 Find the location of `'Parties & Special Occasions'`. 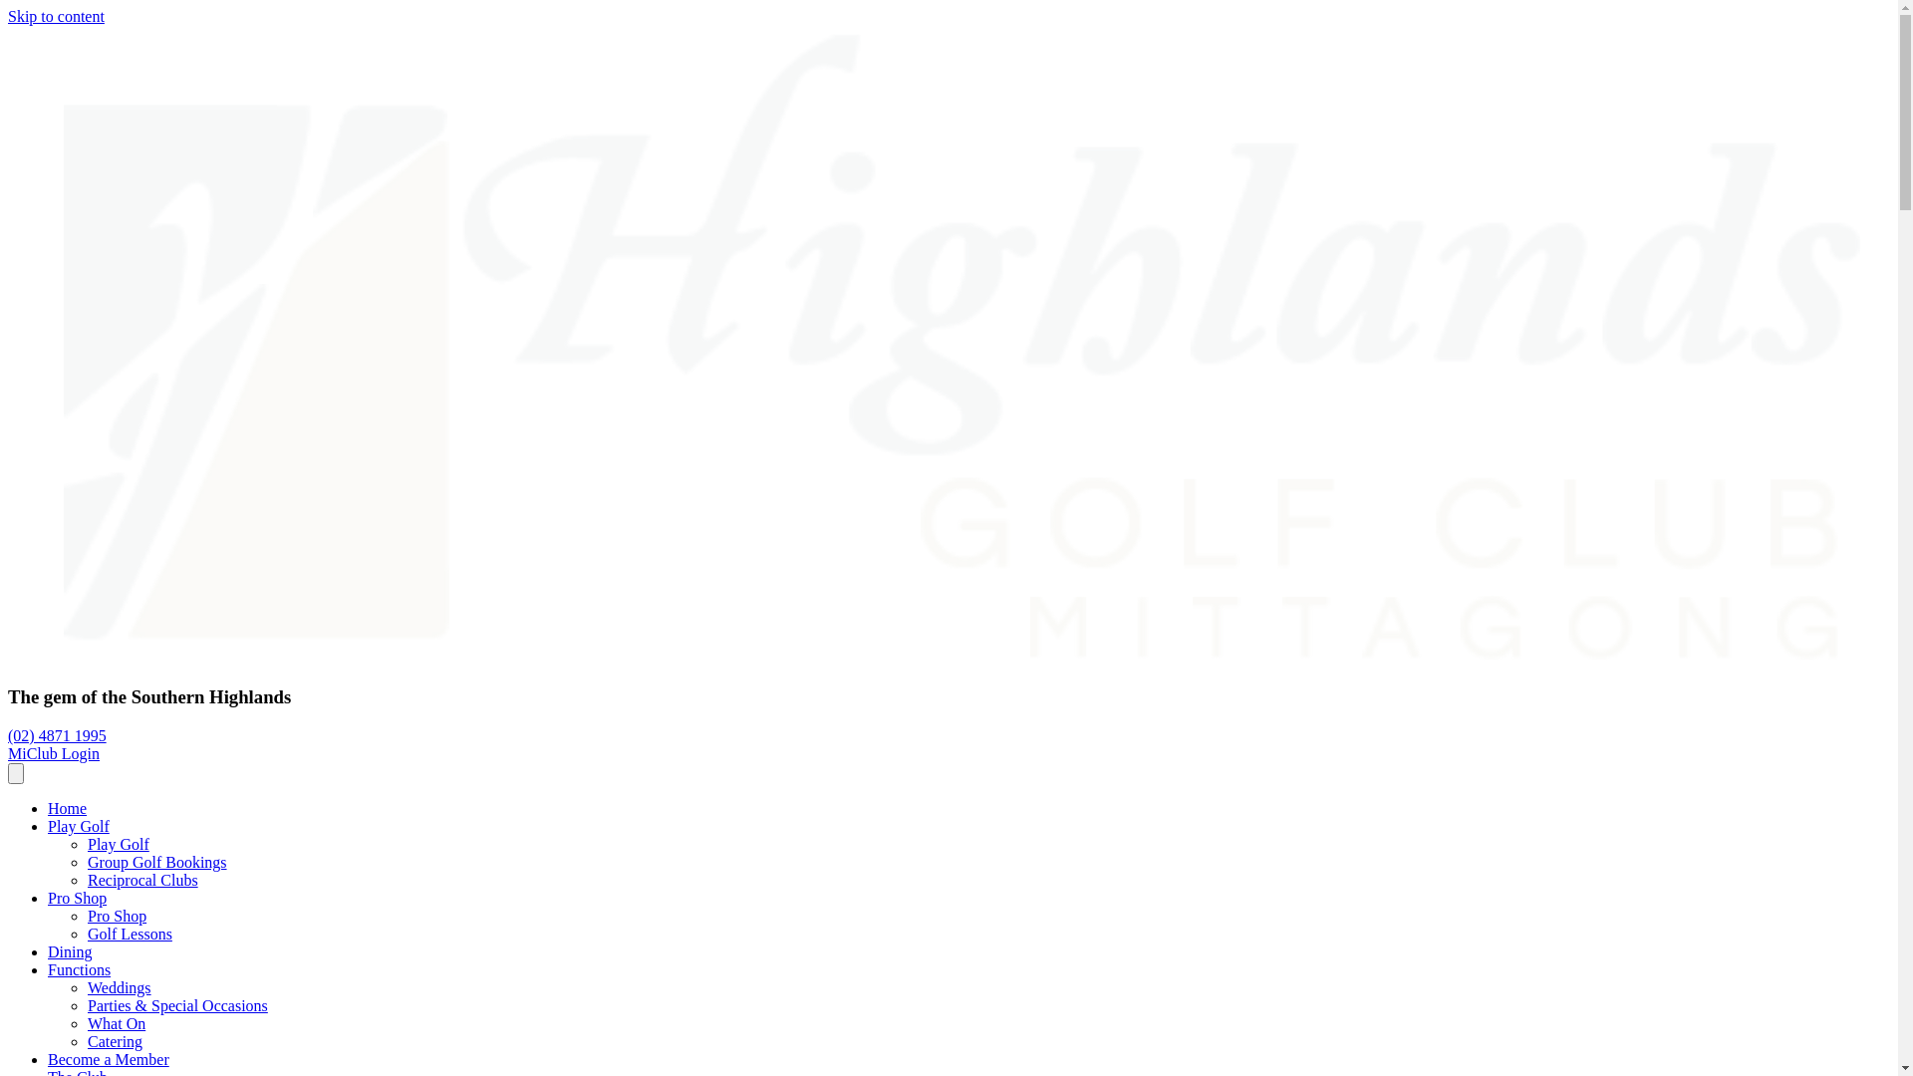

'Parties & Special Occasions' is located at coordinates (177, 1005).